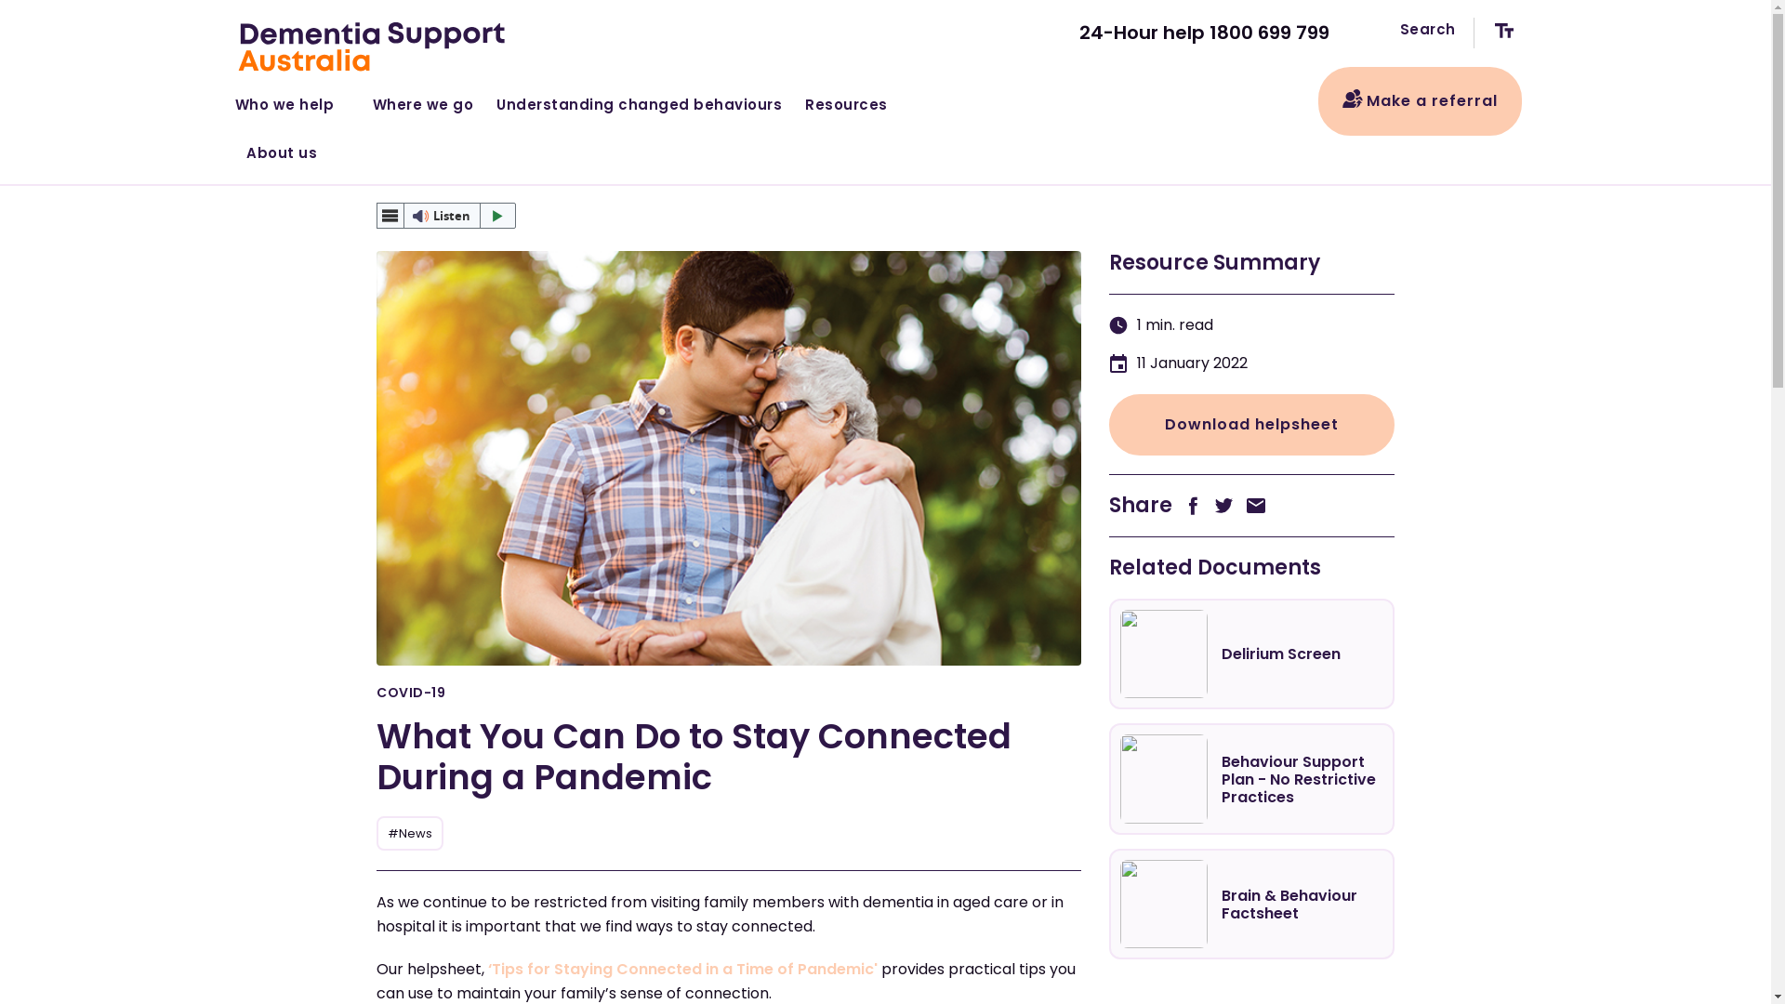 The height and width of the screenshot is (1004, 1785). I want to click on 'Where we go', so click(422, 100).